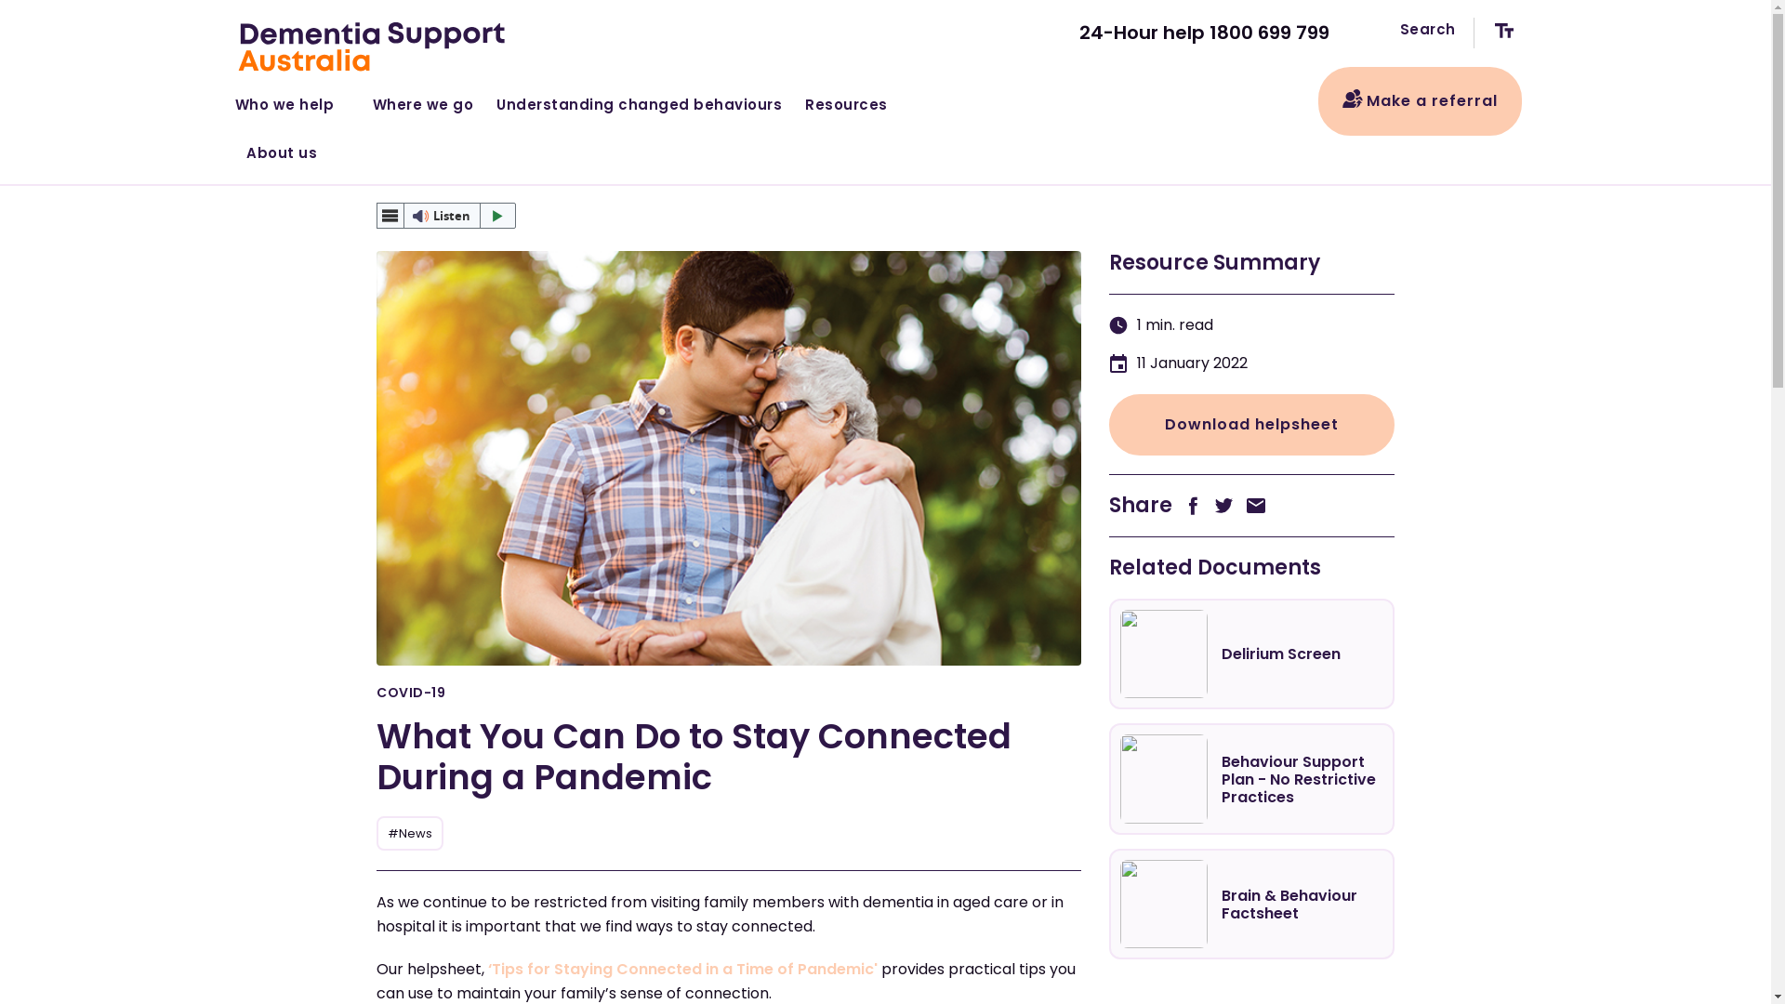 The height and width of the screenshot is (1004, 1785). I want to click on 'Where we go', so click(422, 100).